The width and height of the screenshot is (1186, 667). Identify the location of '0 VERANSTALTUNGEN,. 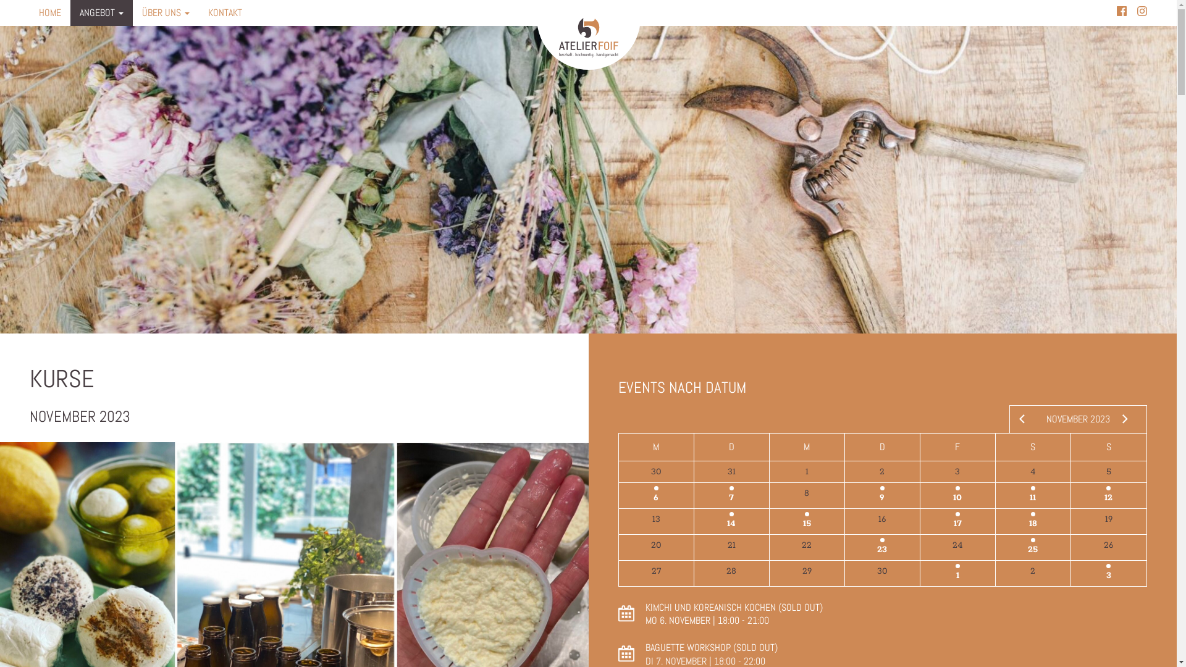
(957, 547).